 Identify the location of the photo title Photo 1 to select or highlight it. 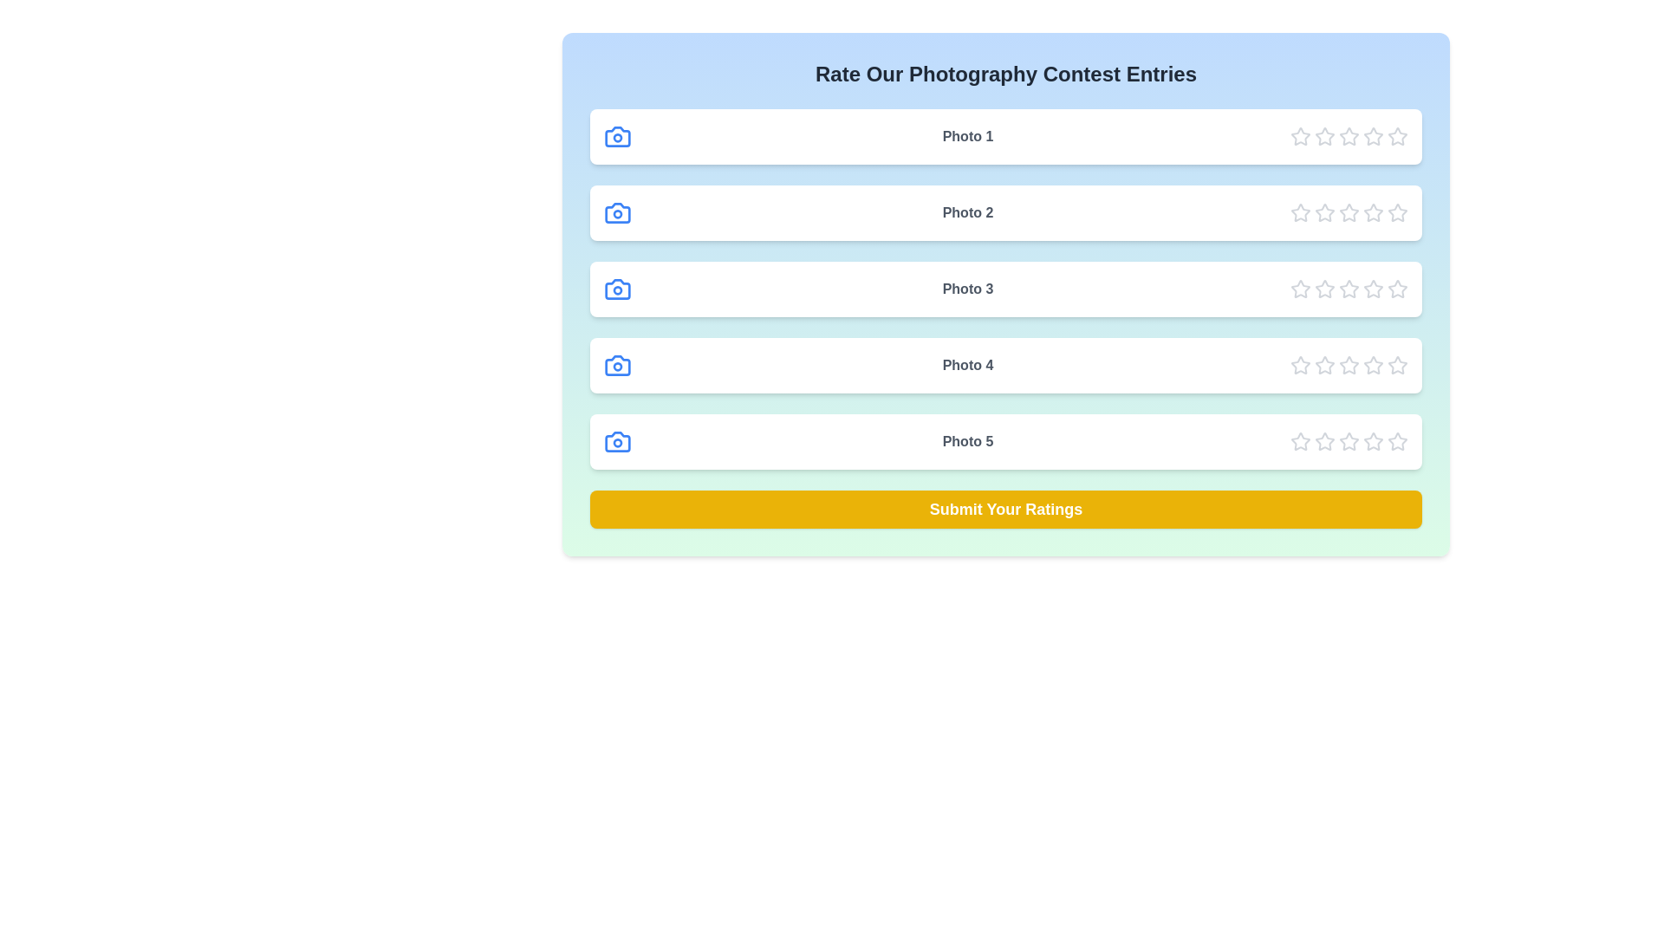
(967, 136).